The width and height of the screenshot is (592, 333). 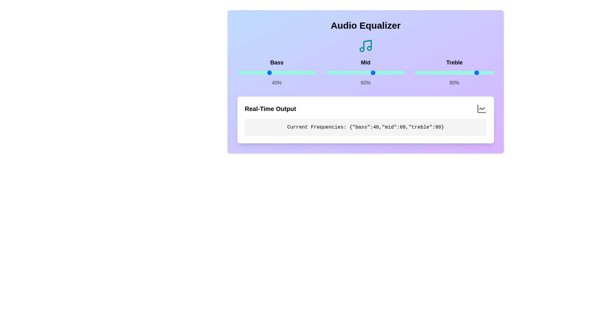 I want to click on header text 'Audio Equalizer' which is a bold, large-sized text centered at the top of a gradient-styled card interface, so click(x=365, y=25).